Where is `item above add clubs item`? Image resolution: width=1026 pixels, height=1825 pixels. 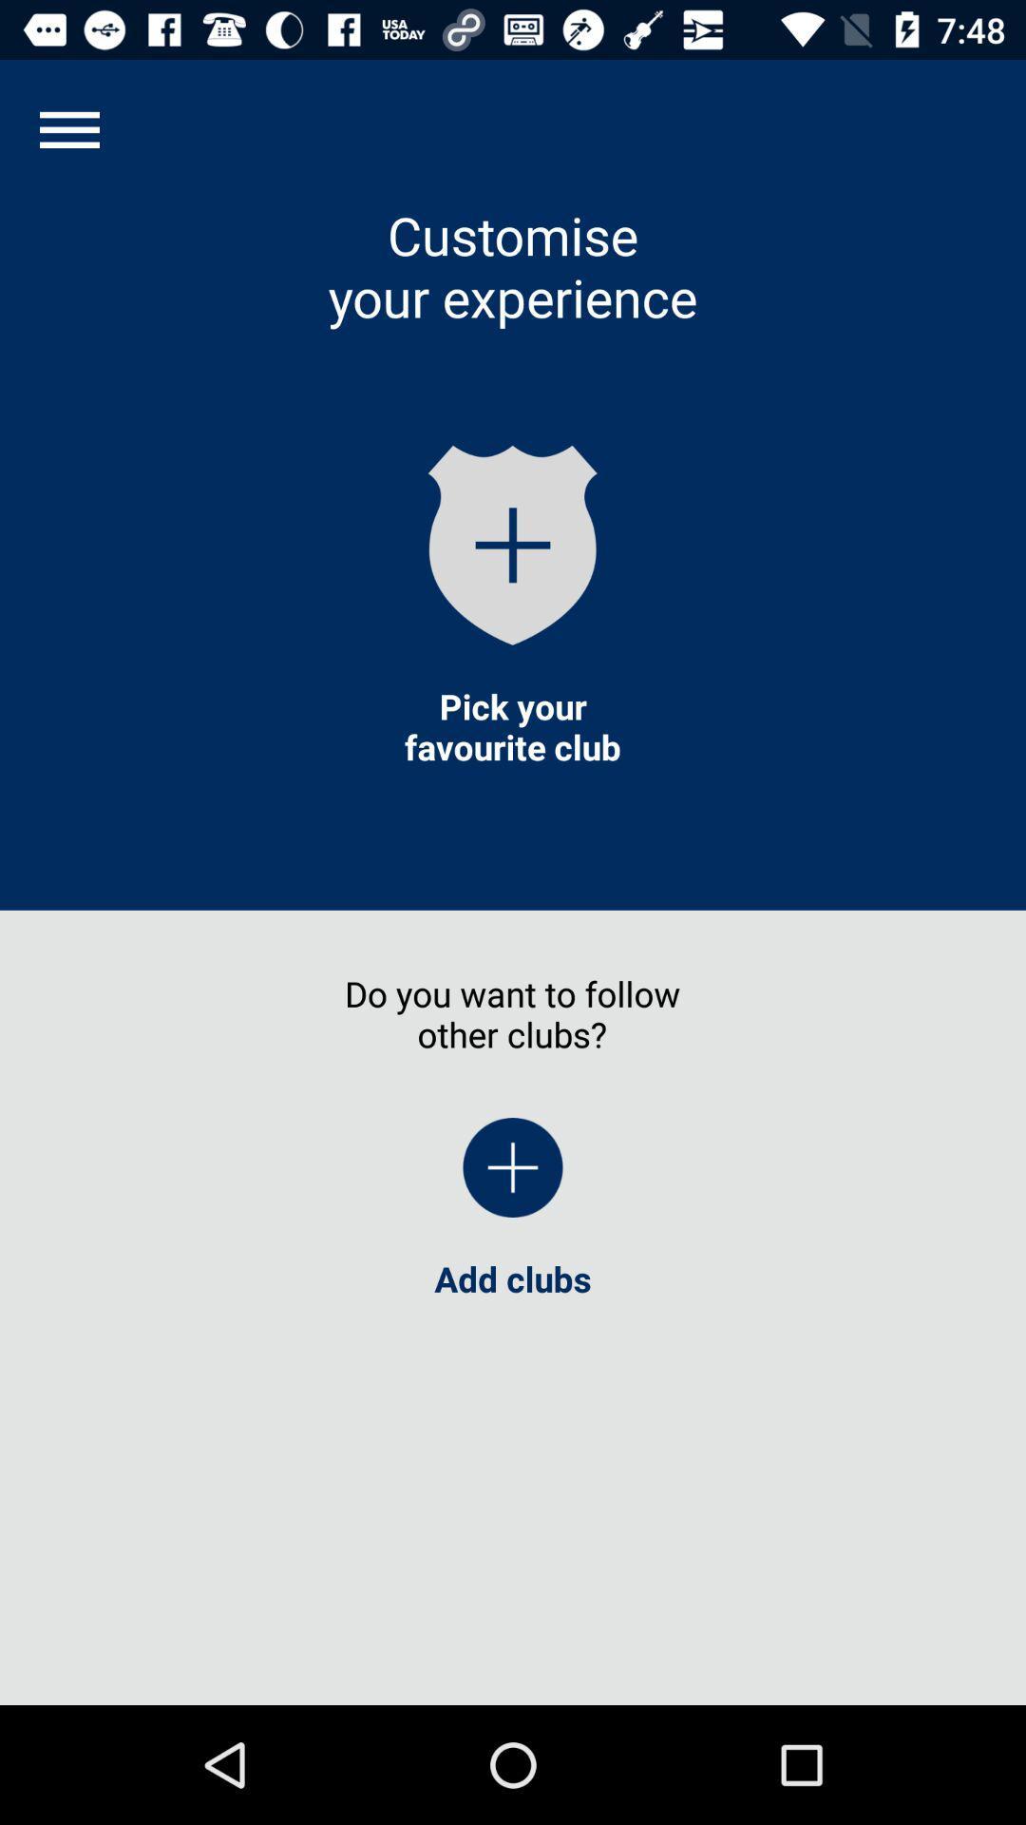 item above add clubs item is located at coordinates (68, 128).